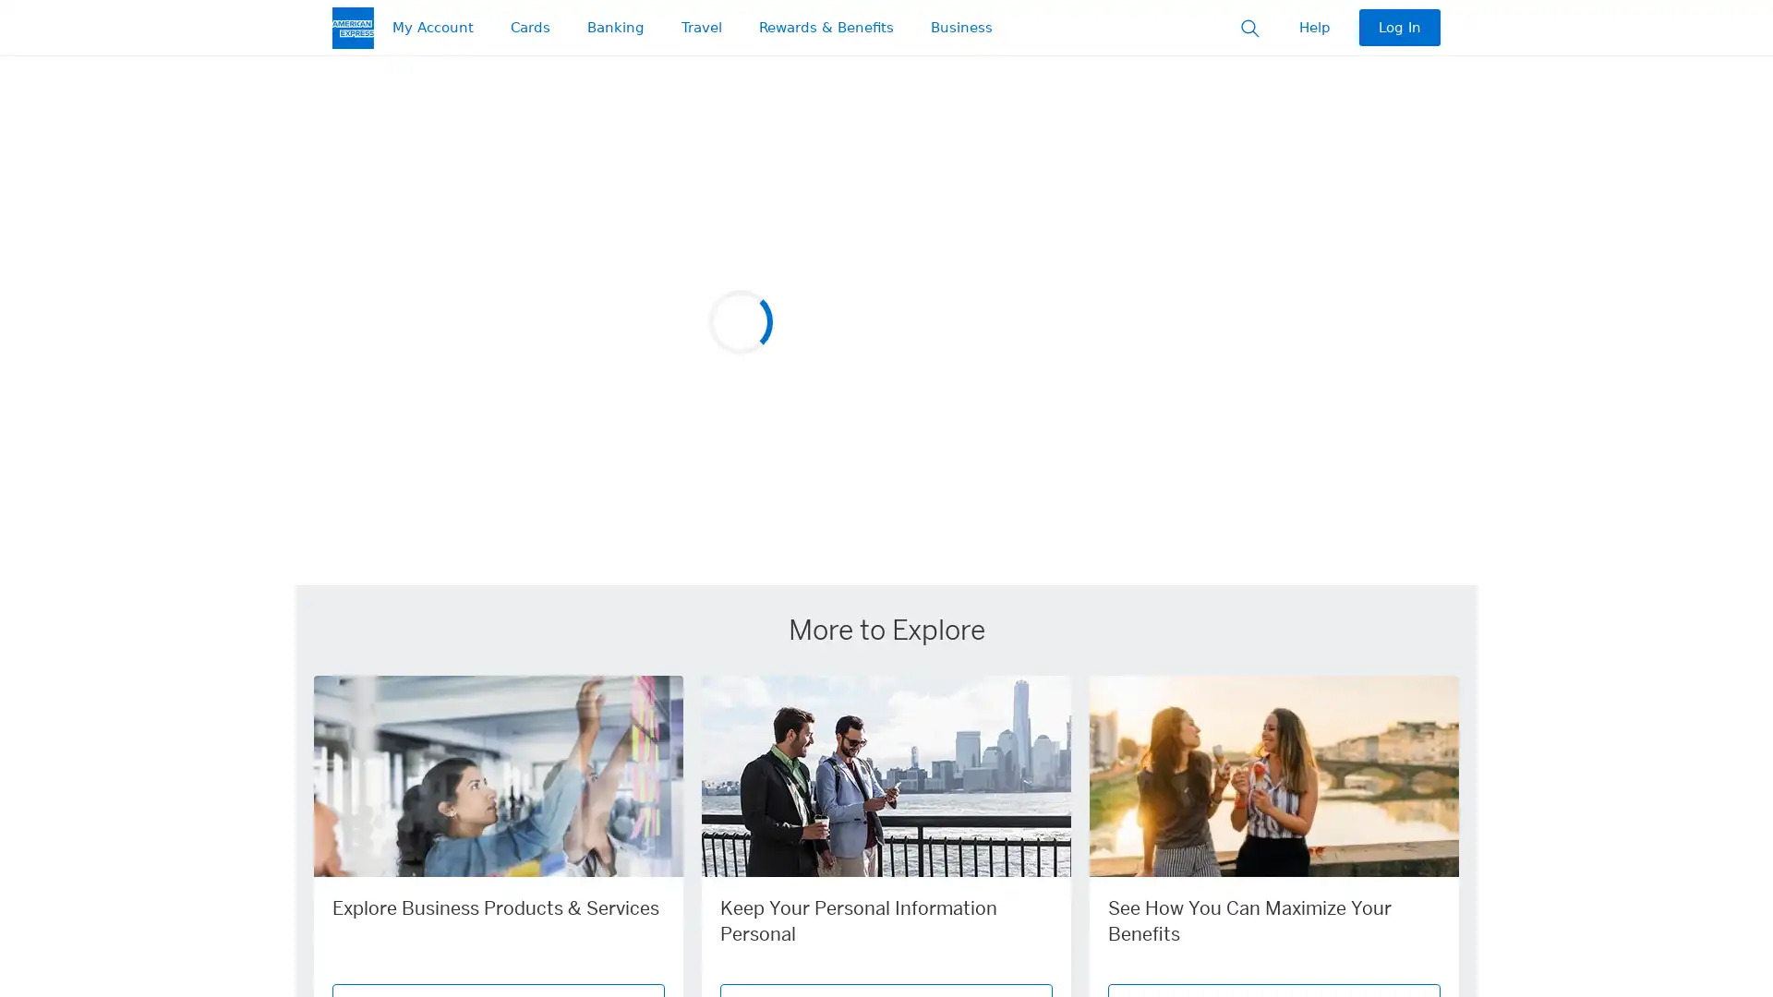 This screenshot has width=1773, height=997. What do you see at coordinates (881, 799) in the screenshot?
I see `Next Slide` at bounding box center [881, 799].